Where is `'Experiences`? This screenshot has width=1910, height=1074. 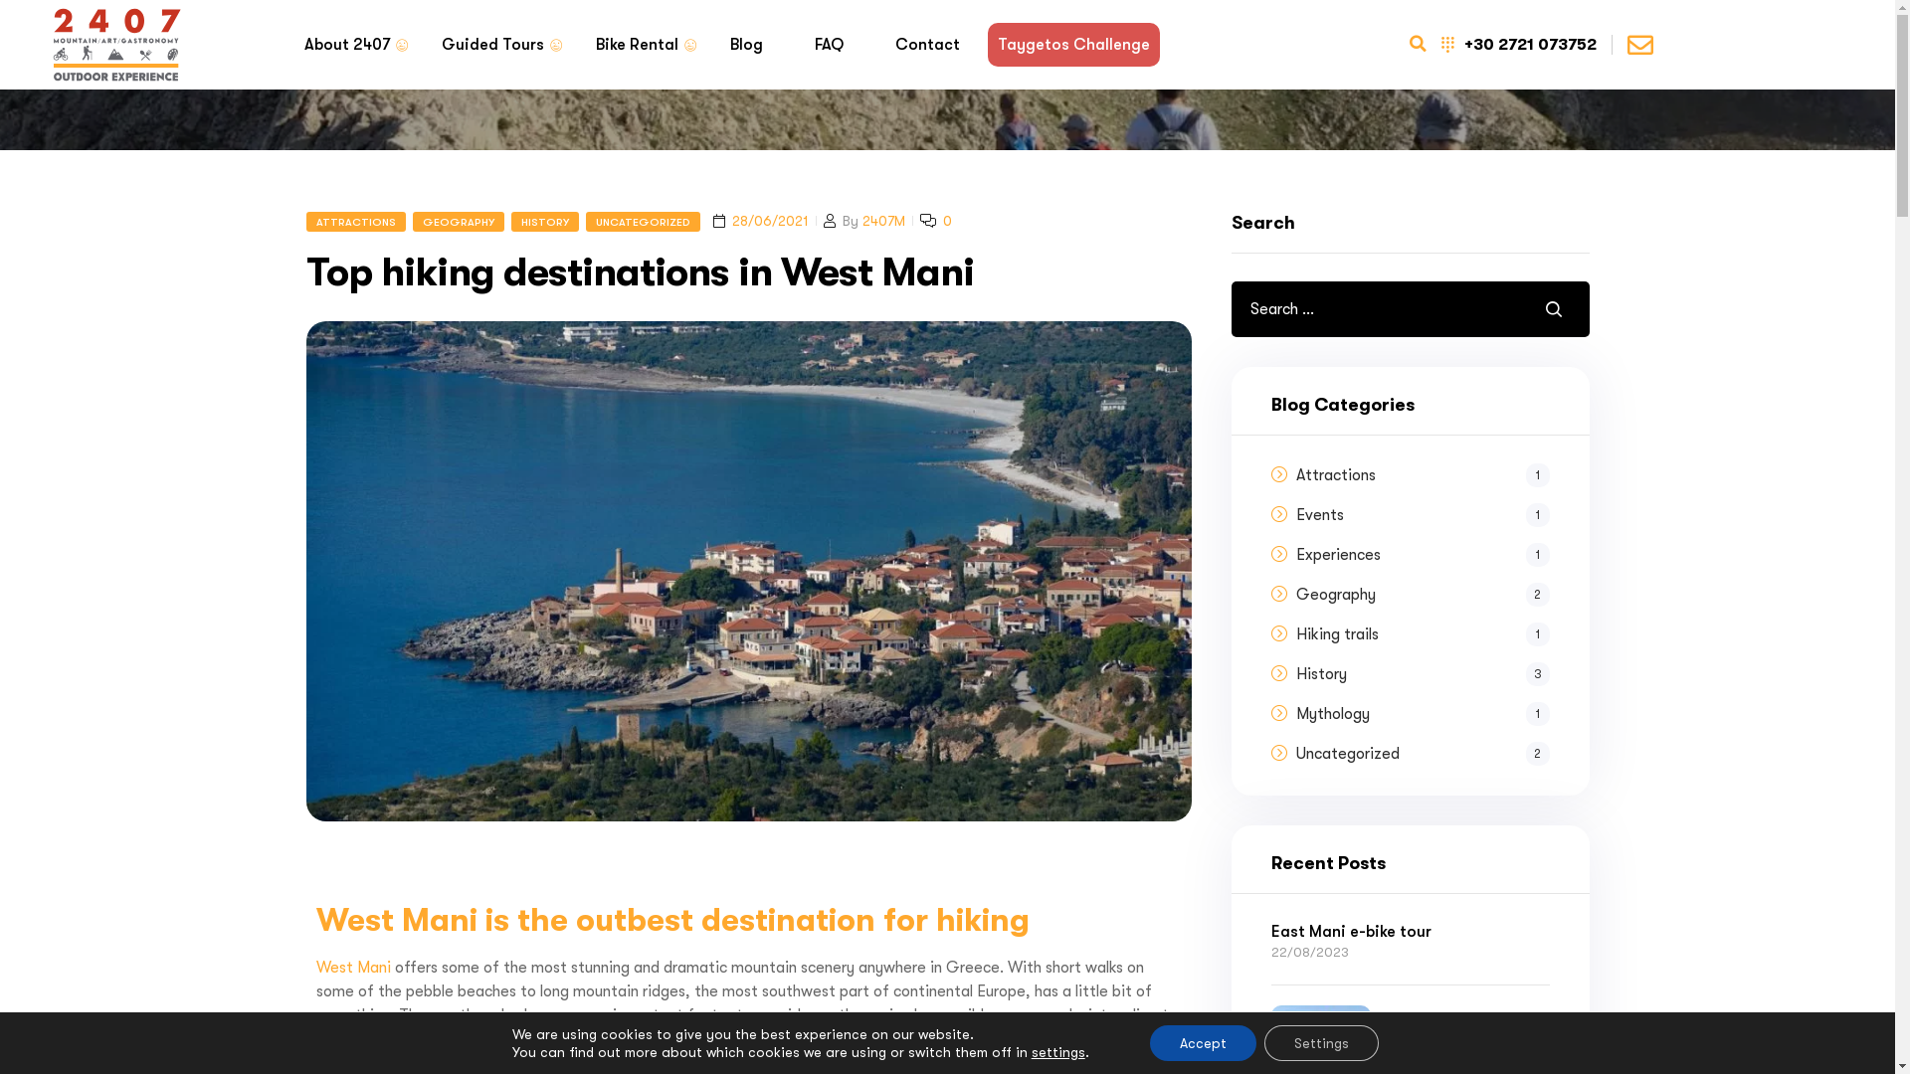
'Experiences is located at coordinates (1422, 555).